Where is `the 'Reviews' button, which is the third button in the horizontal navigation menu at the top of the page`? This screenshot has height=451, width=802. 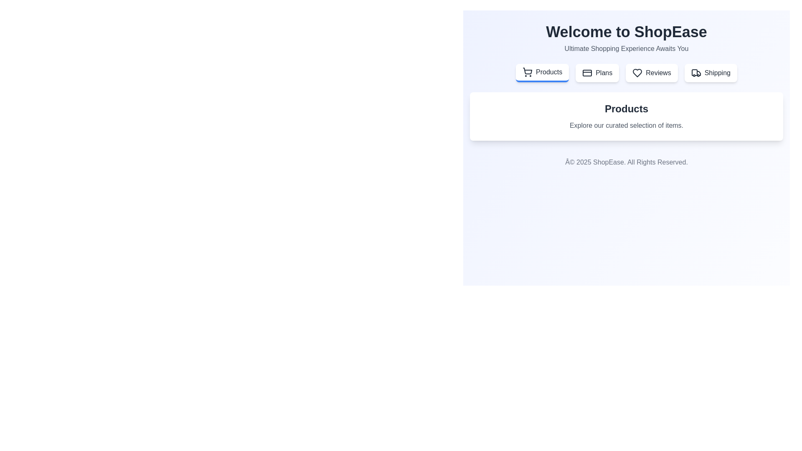
the 'Reviews' button, which is the third button in the horizontal navigation menu at the top of the page is located at coordinates (651, 72).